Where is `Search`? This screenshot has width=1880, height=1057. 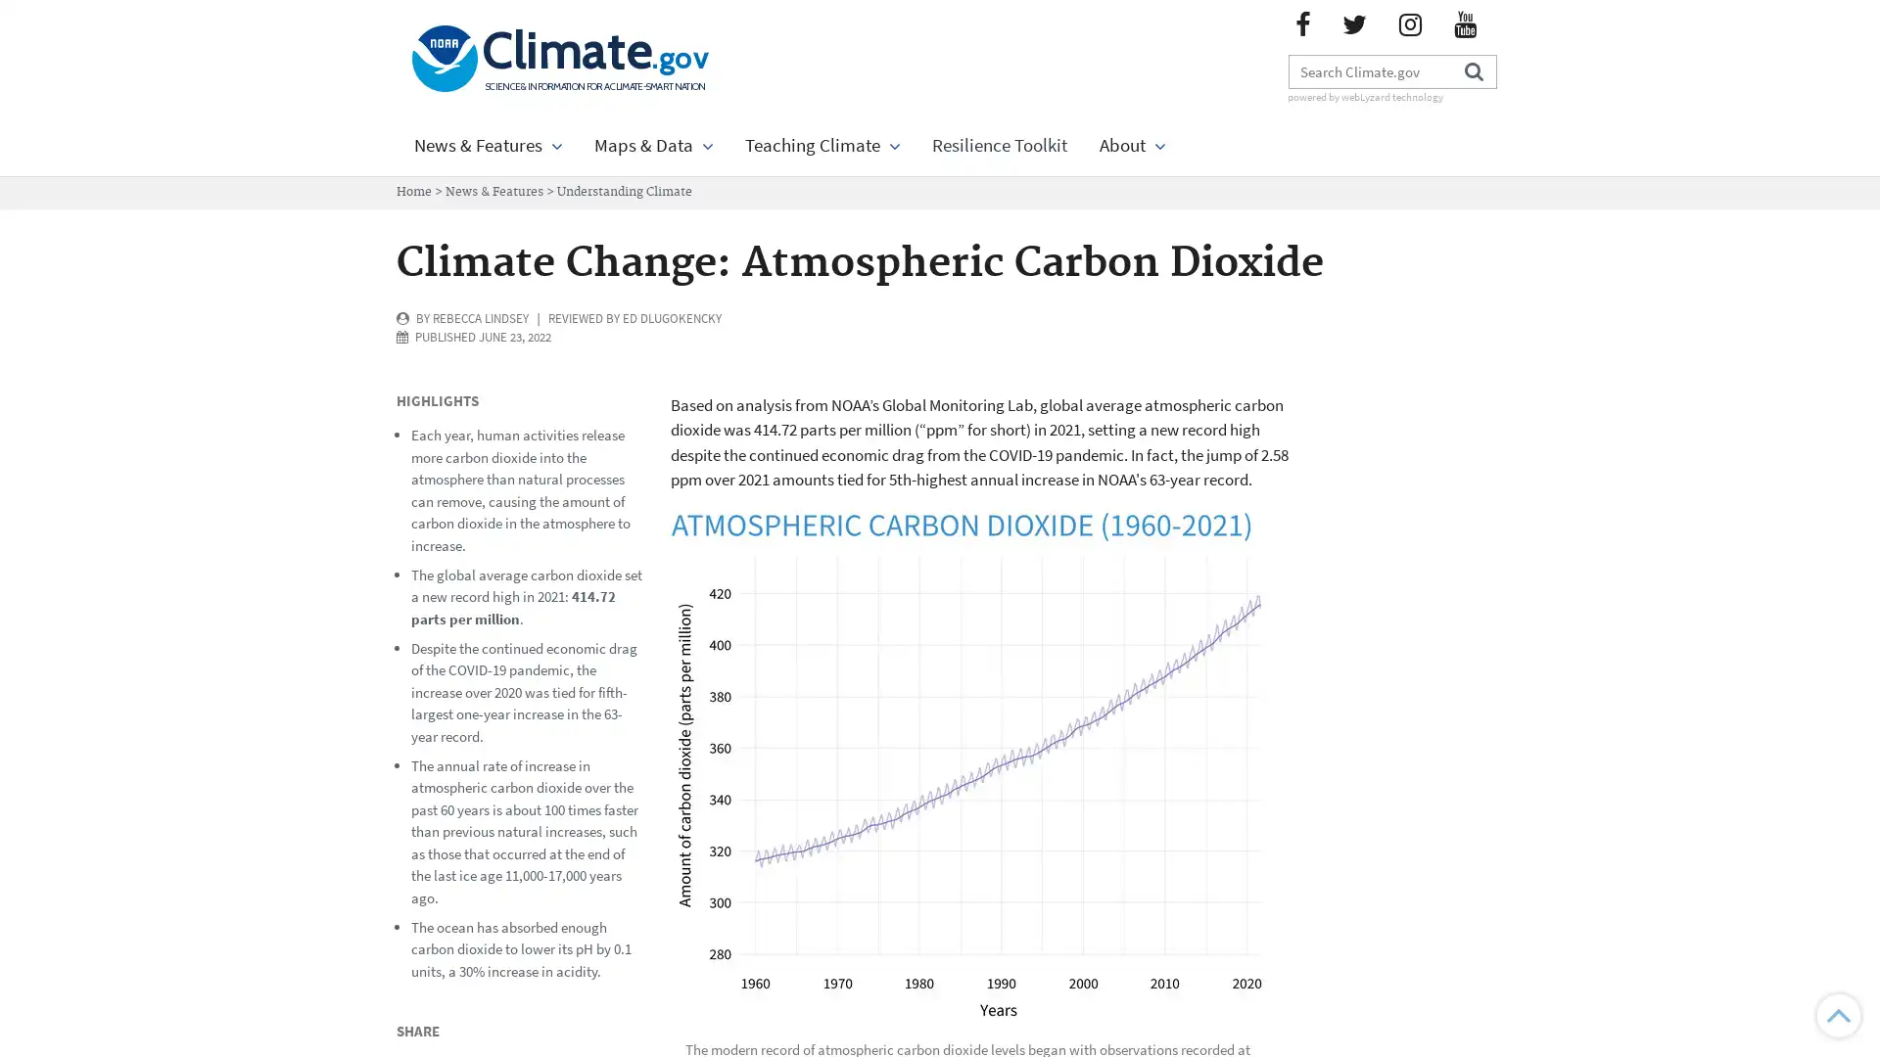
Search is located at coordinates (1474, 69).